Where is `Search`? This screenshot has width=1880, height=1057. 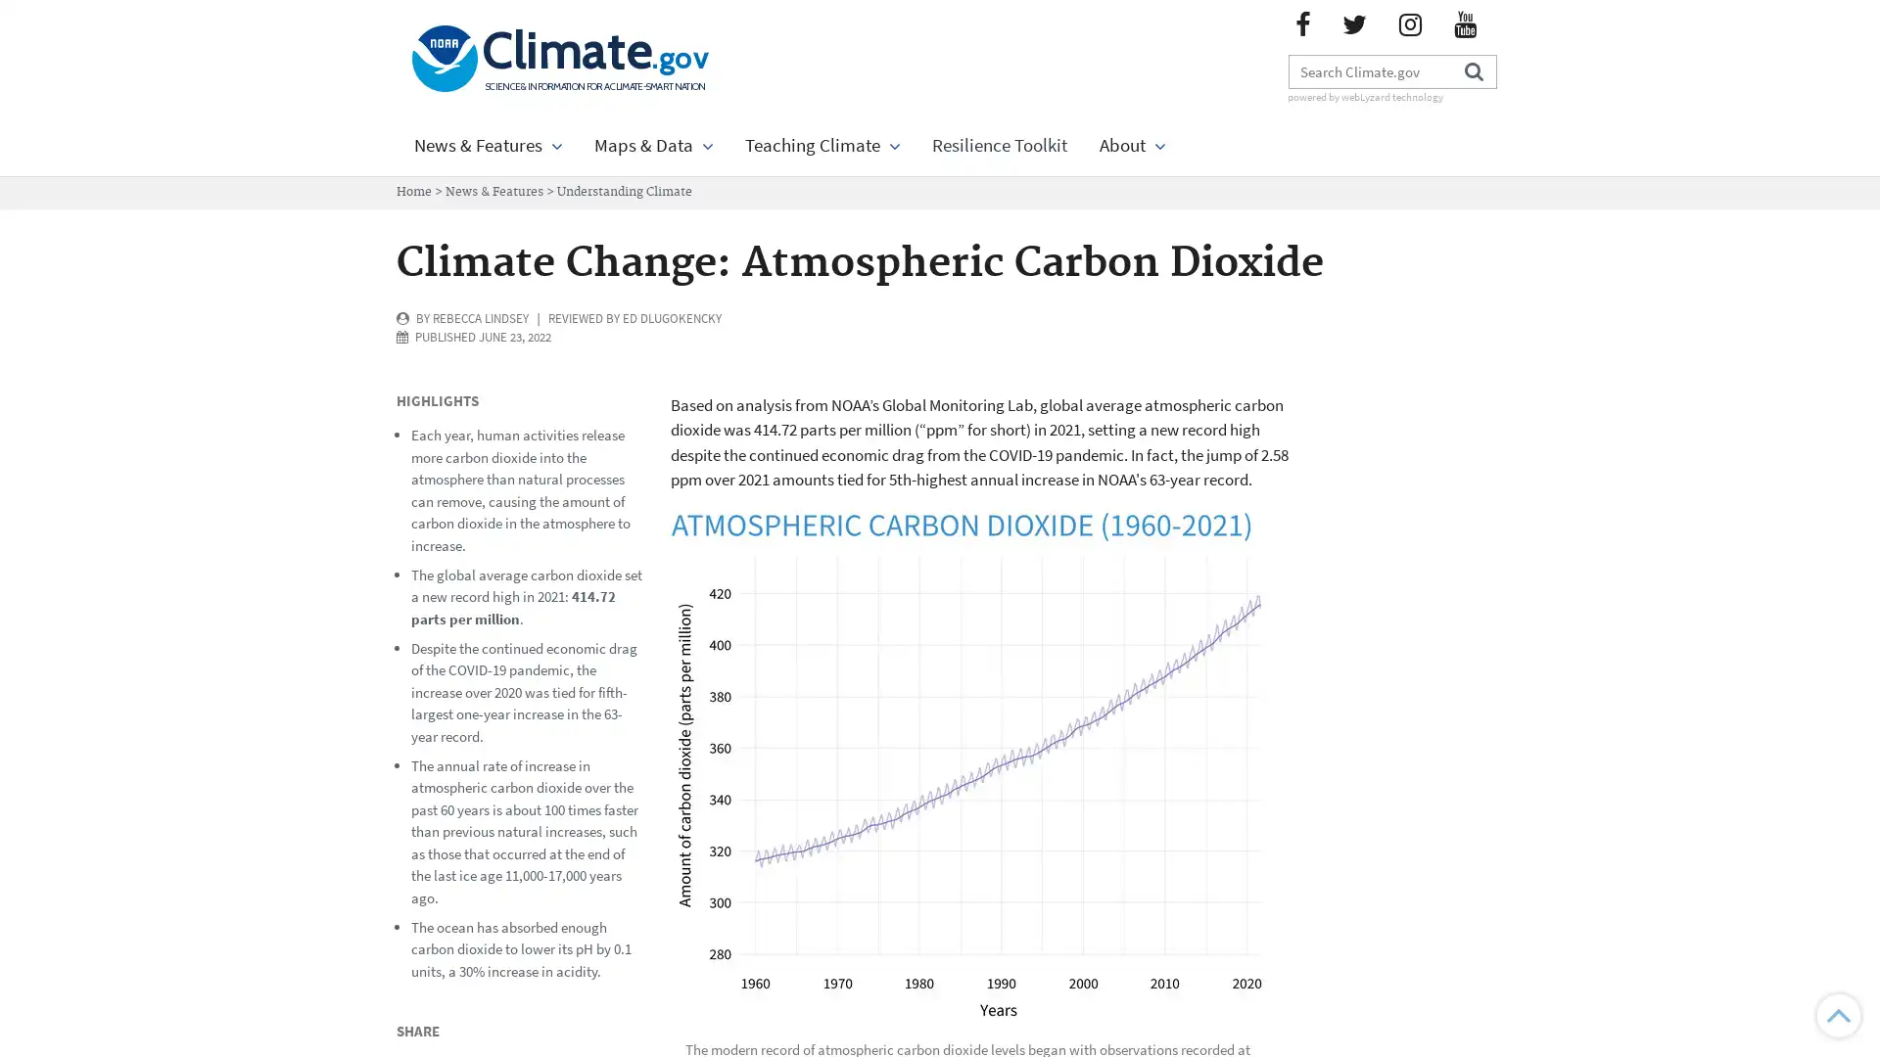
Search is located at coordinates (1474, 69).